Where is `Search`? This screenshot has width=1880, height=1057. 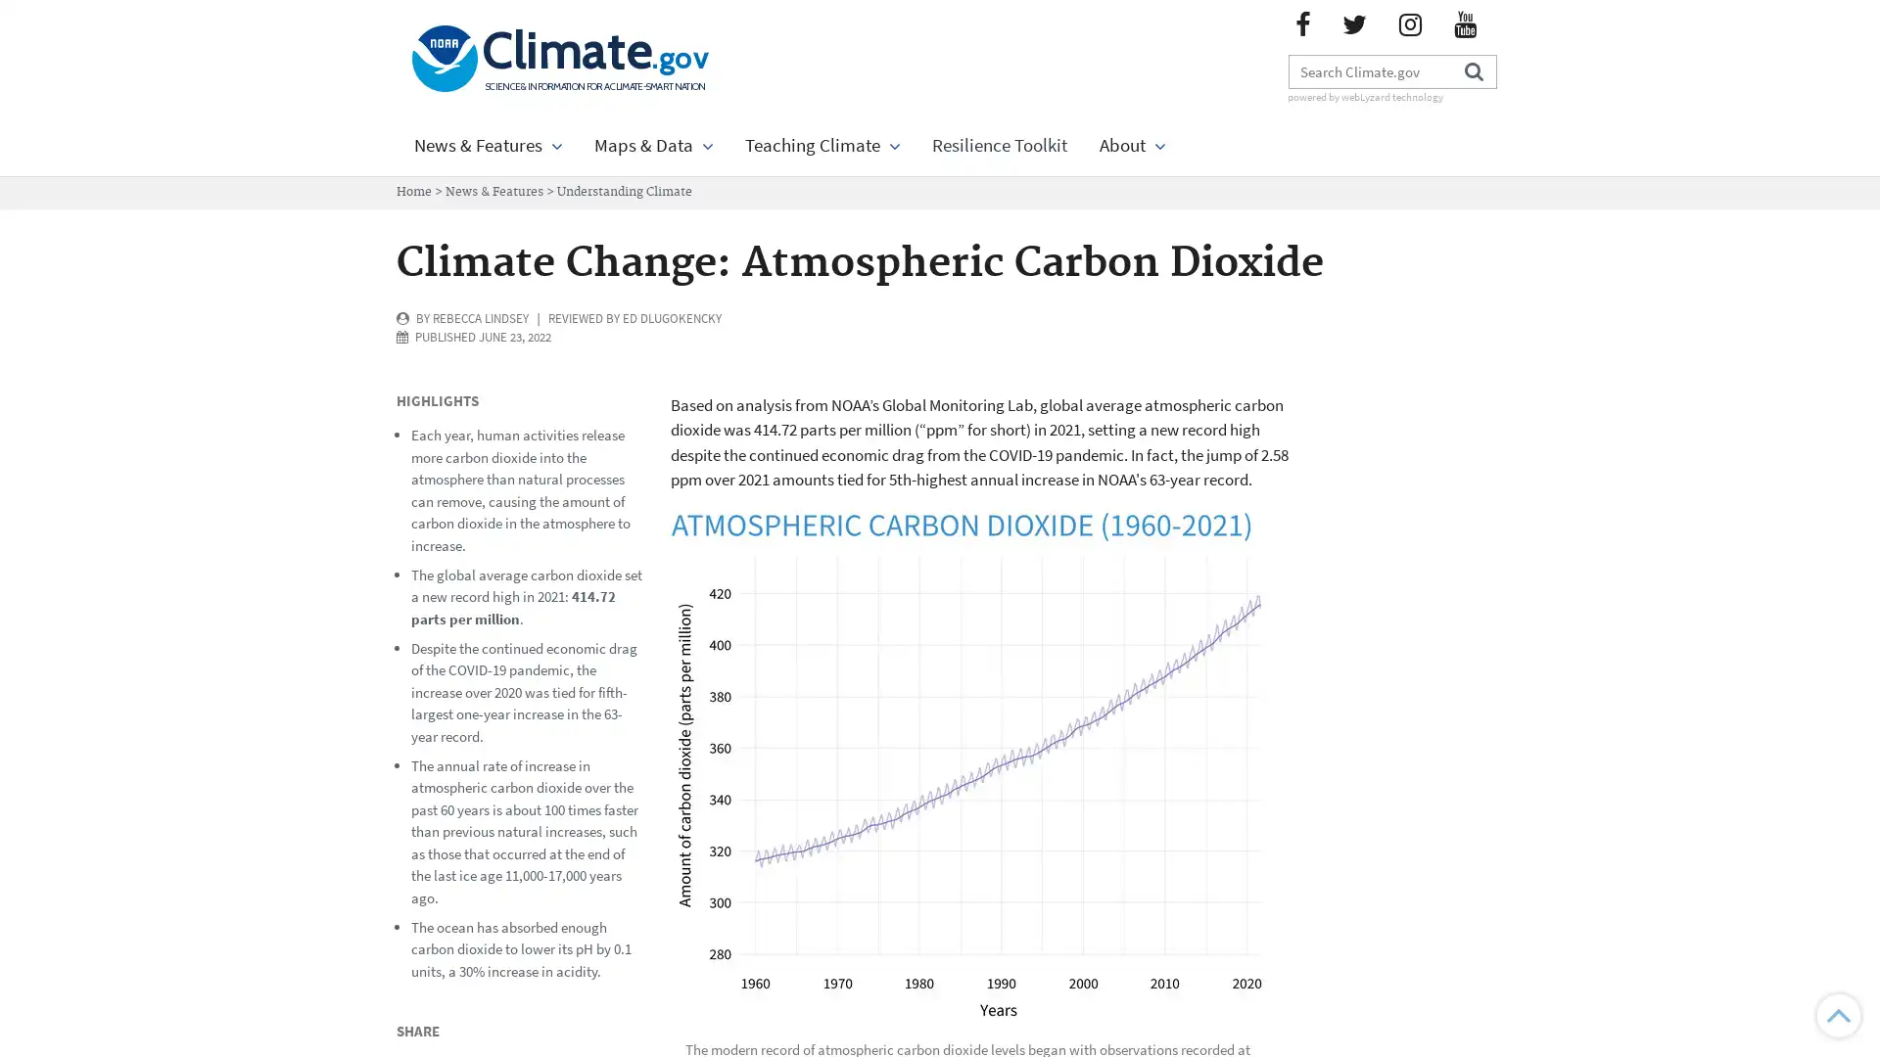
Search is located at coordinates (1474, 69).